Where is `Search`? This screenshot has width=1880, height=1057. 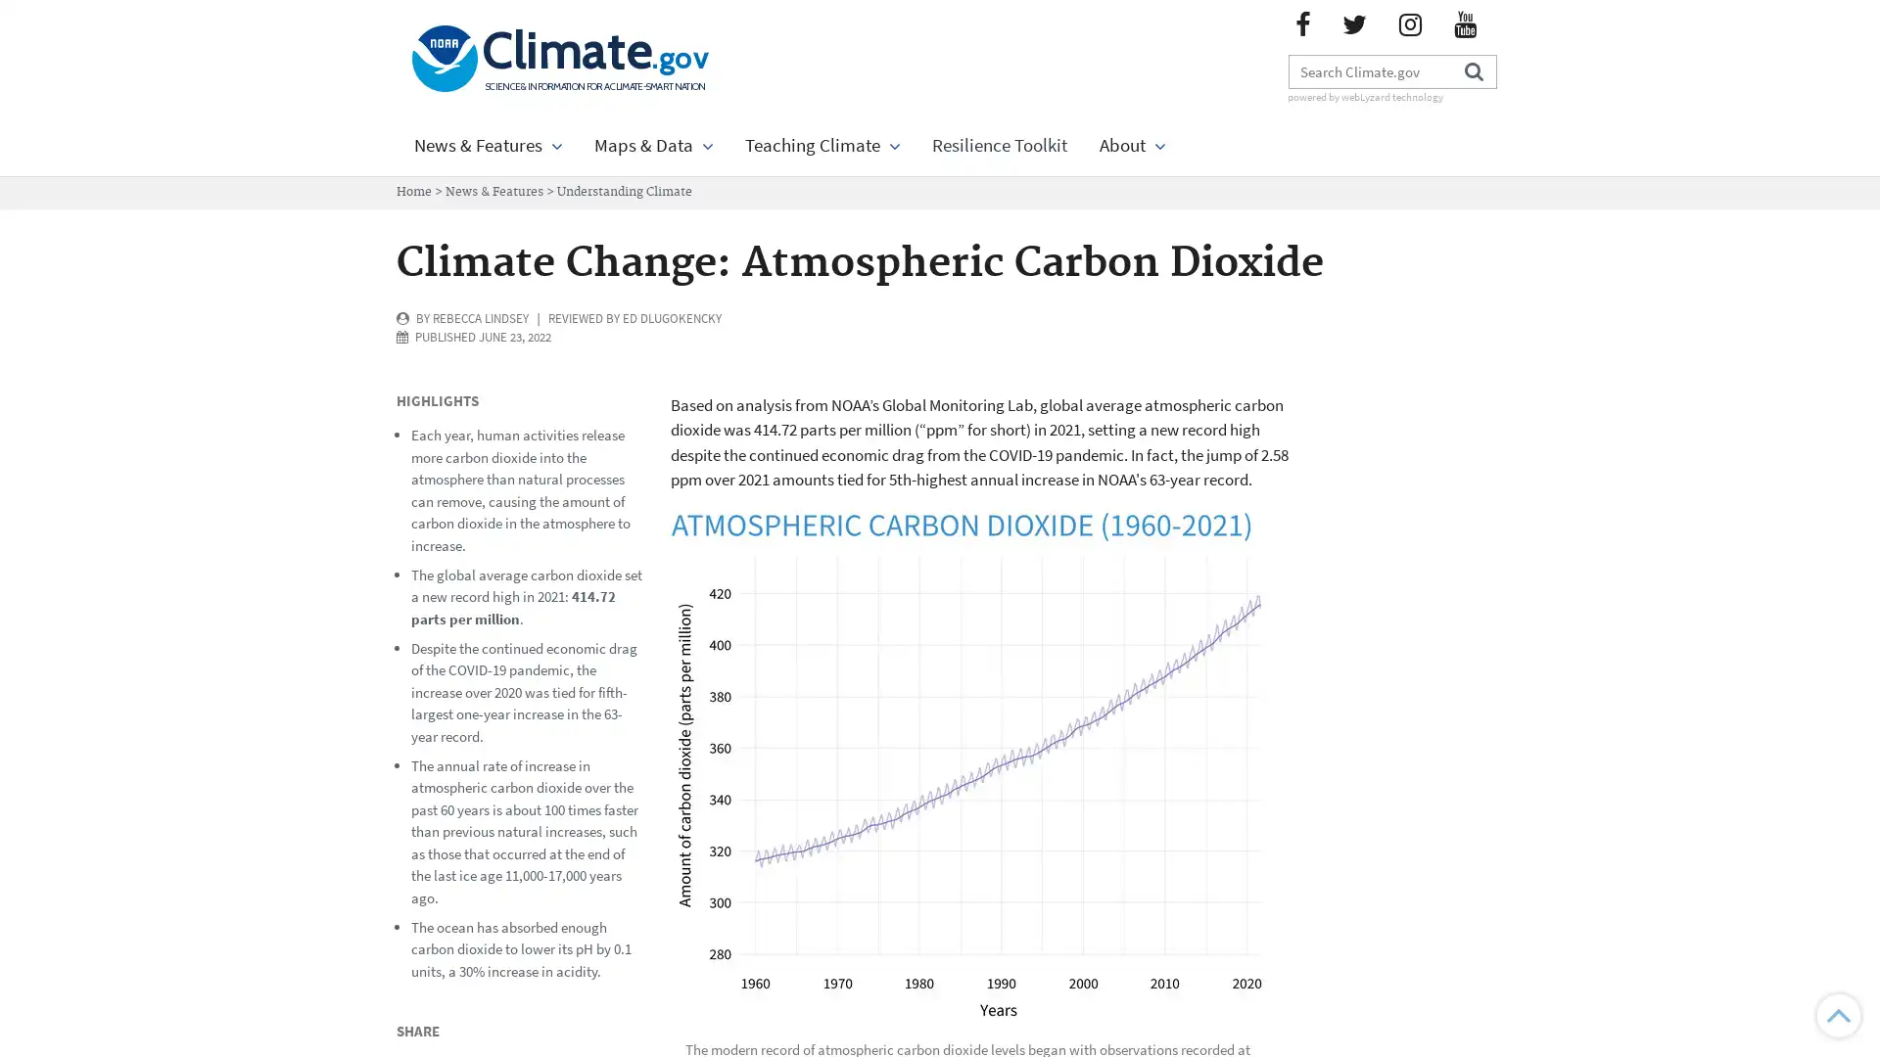
Search is located at coordinates (1474, 69).